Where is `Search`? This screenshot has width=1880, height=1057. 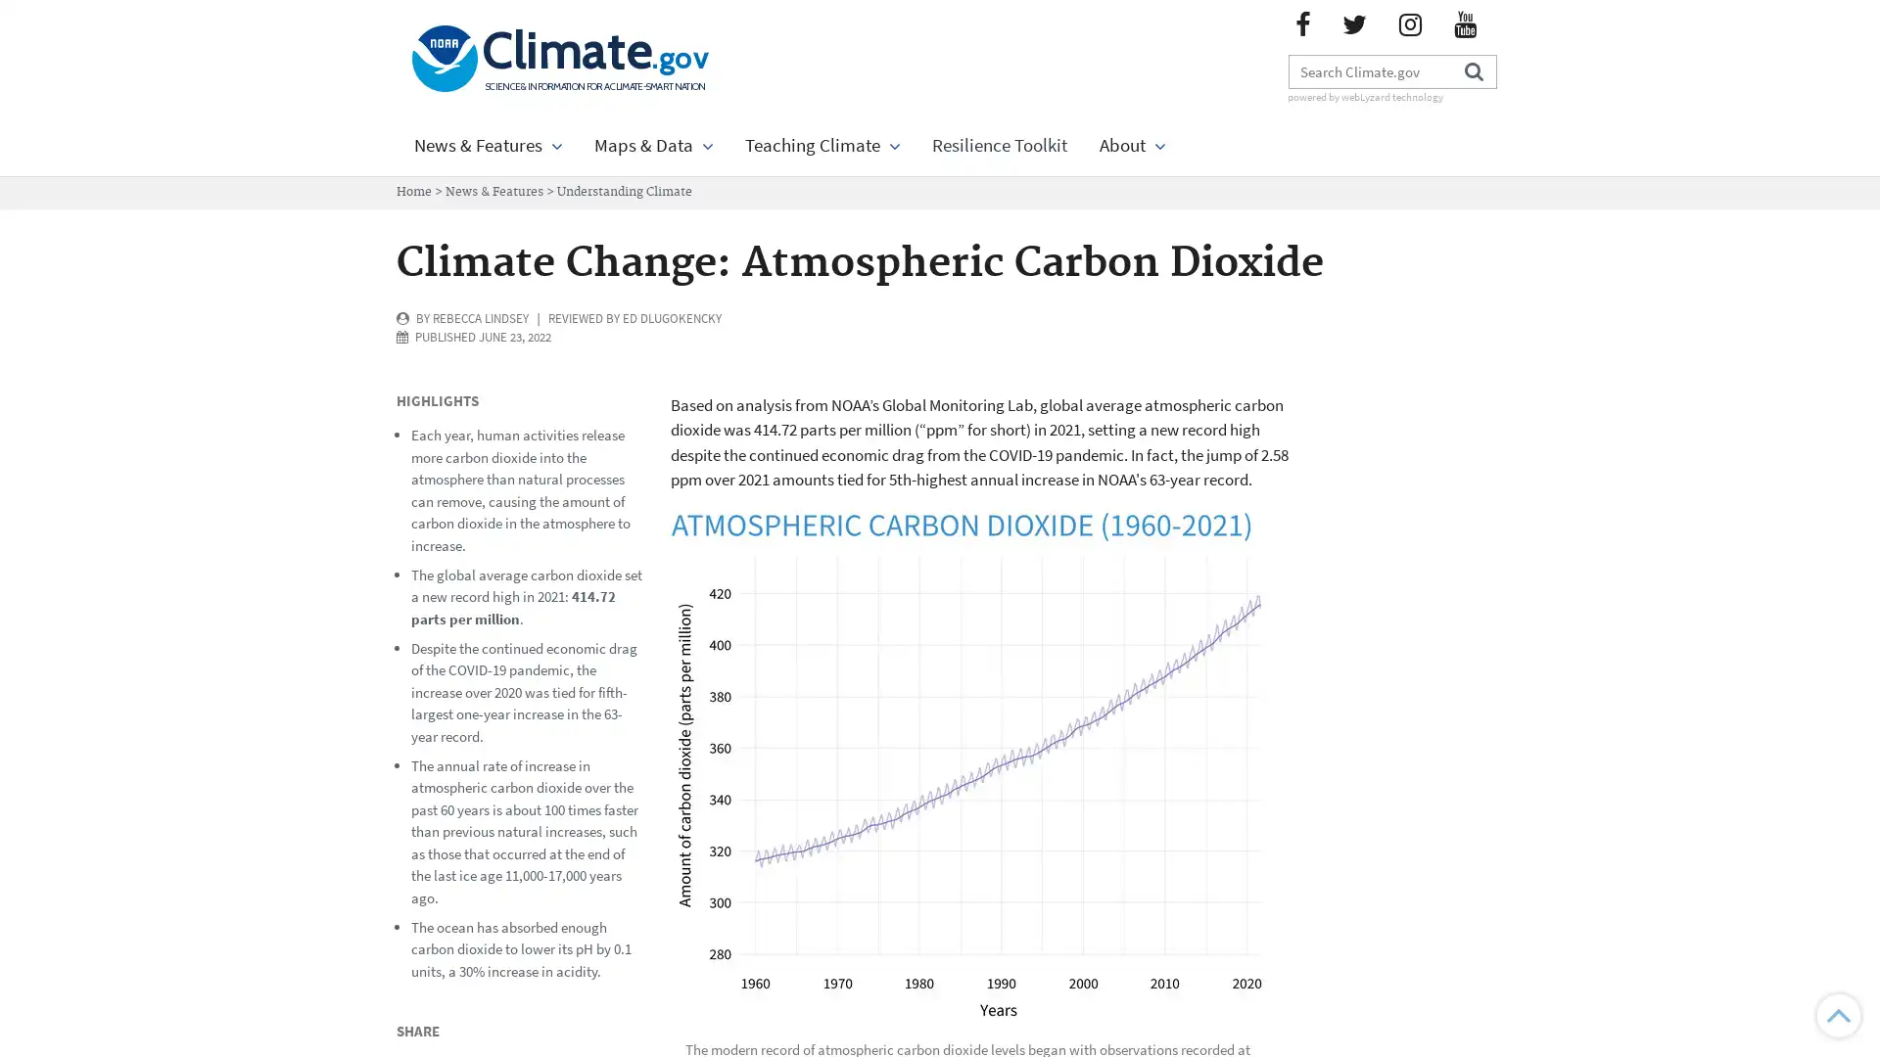
Search is located at coordinates (1474, 69).